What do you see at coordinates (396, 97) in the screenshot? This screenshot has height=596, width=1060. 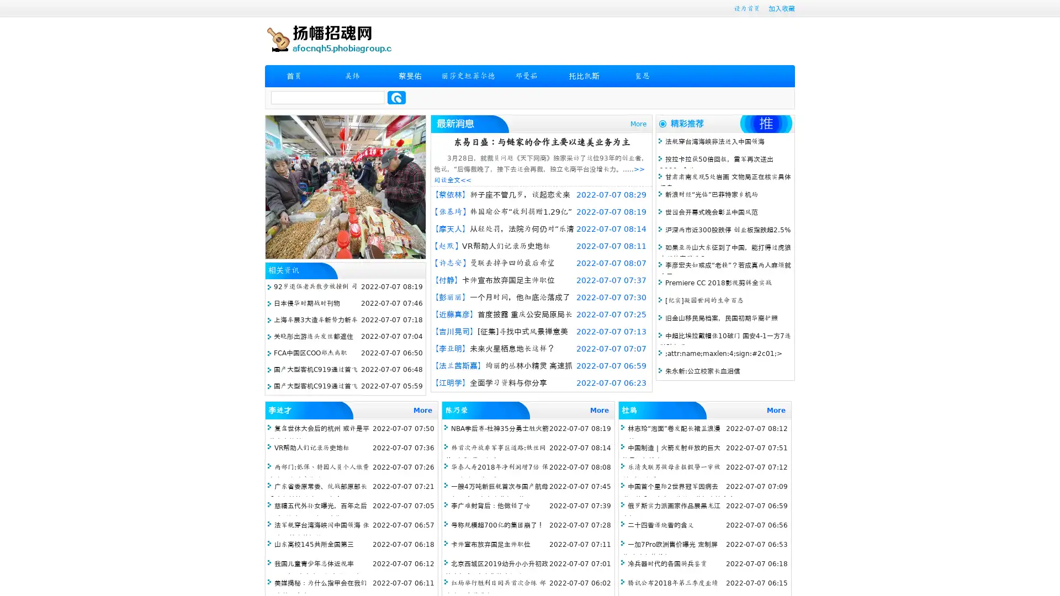 I see `Search` at bounding box center [396, 97].